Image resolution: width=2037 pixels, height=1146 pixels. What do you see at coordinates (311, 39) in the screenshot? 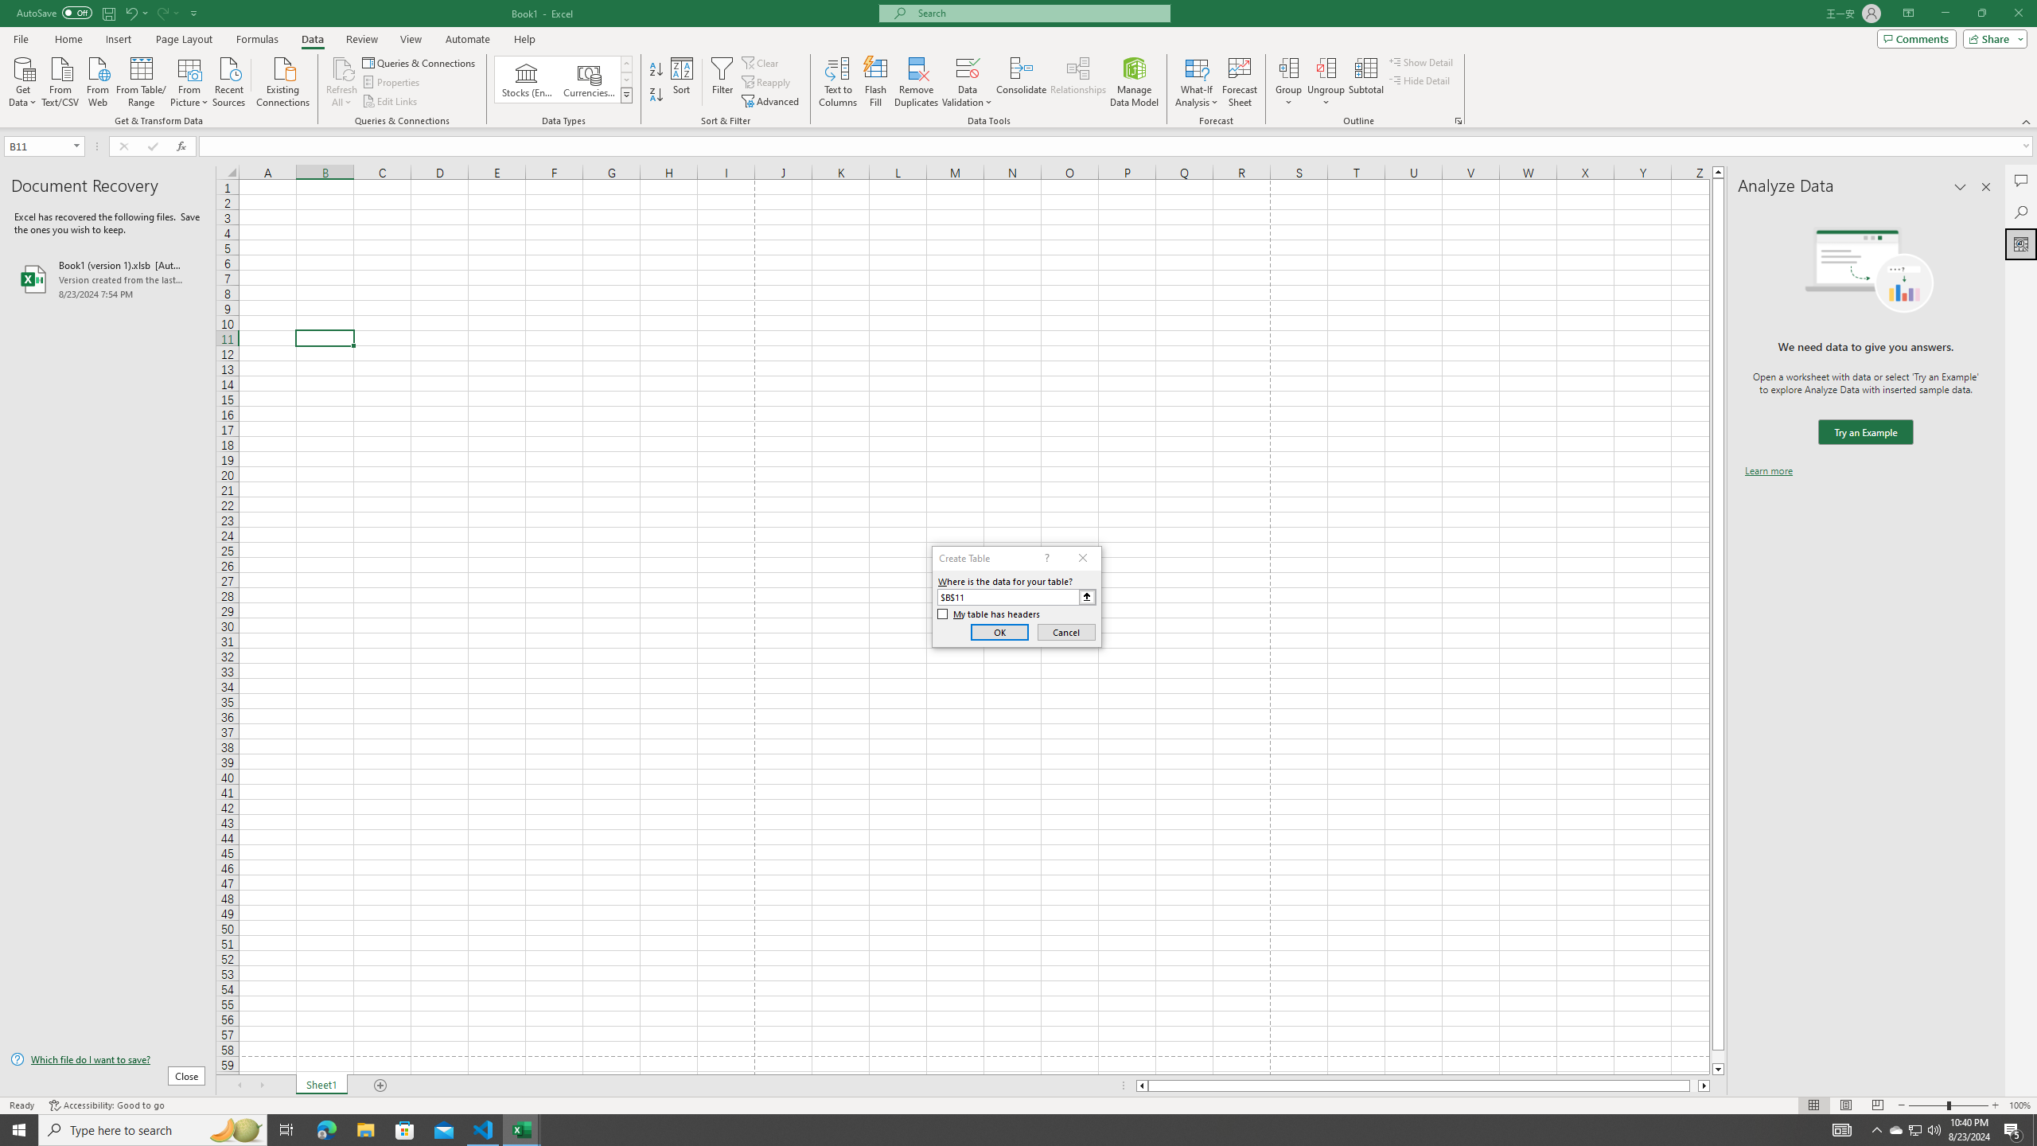
I see `'Data'` at bounding box center [311, 39].